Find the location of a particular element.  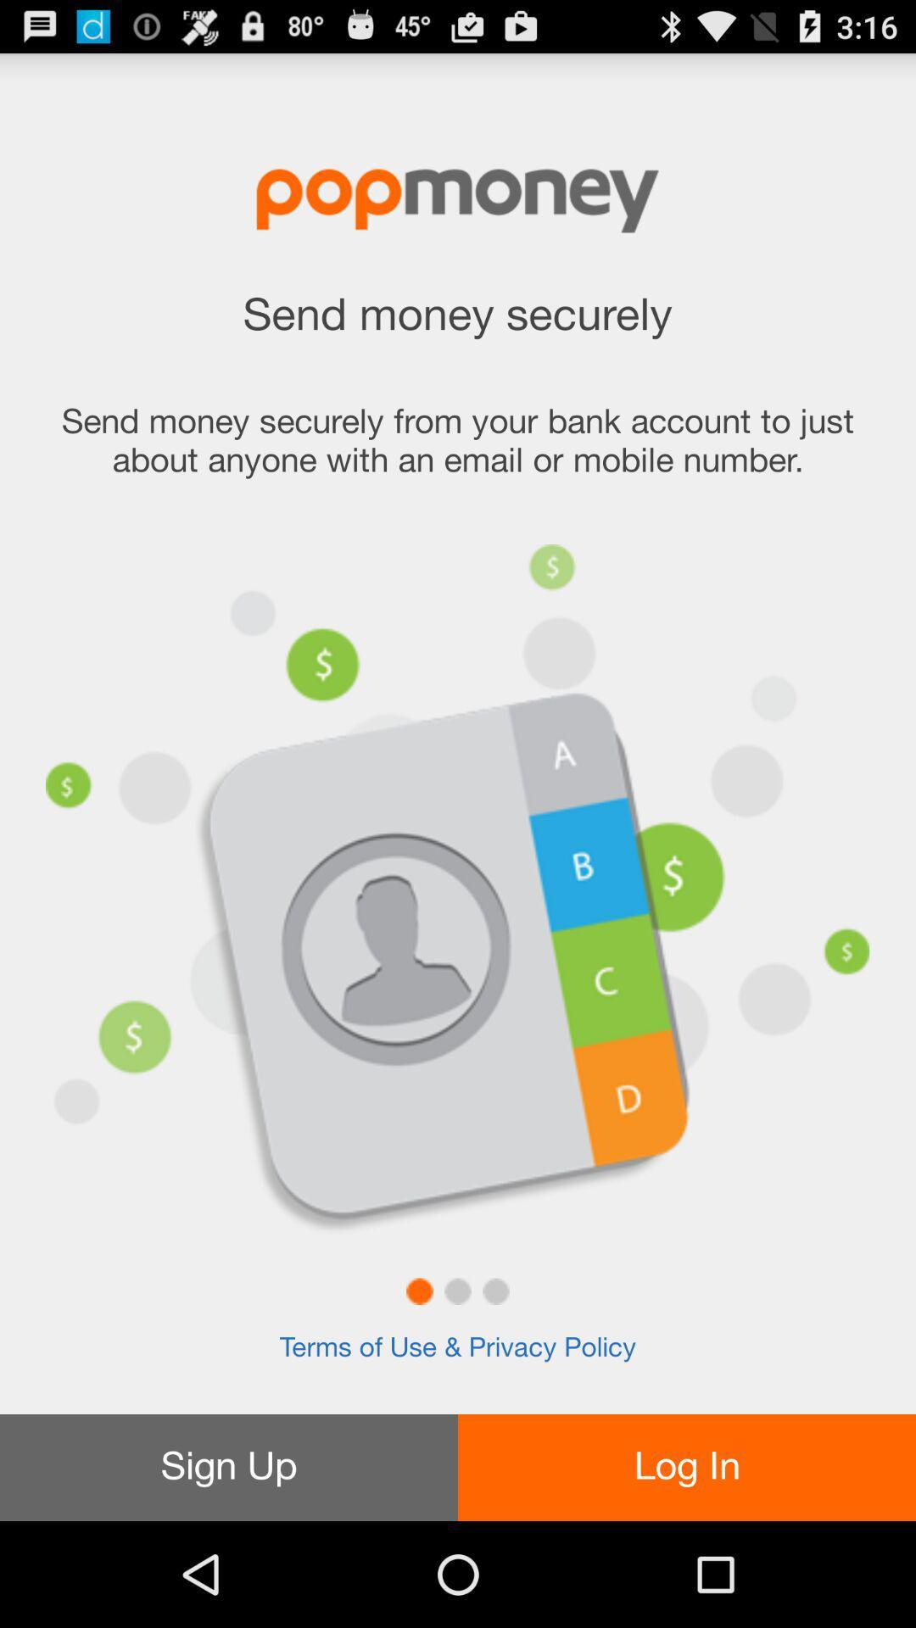

the item above the sign up icon is located at coordinates (458, 1347).